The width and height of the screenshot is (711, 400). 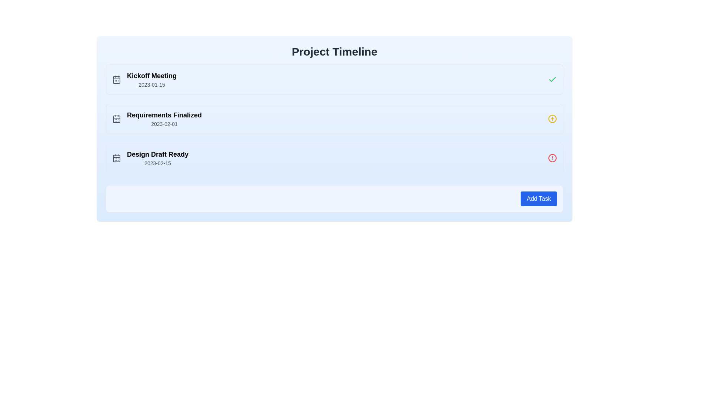 What do you see at coordinates (151, 80) in the screenshot?
I see `the first Text display element in the project timeline list, which includes an event title and date, positioned at the top with a calendar icon to its left` at bounding box center [151, 80].